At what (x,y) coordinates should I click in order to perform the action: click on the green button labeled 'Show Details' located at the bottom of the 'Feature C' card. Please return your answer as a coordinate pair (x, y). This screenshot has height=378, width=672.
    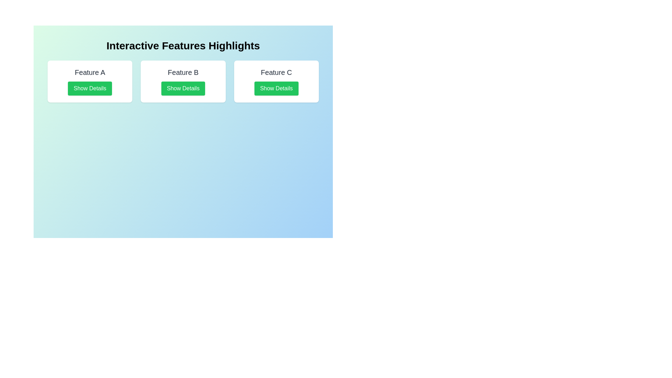
    Looking at the image, I should click on (276, 88).